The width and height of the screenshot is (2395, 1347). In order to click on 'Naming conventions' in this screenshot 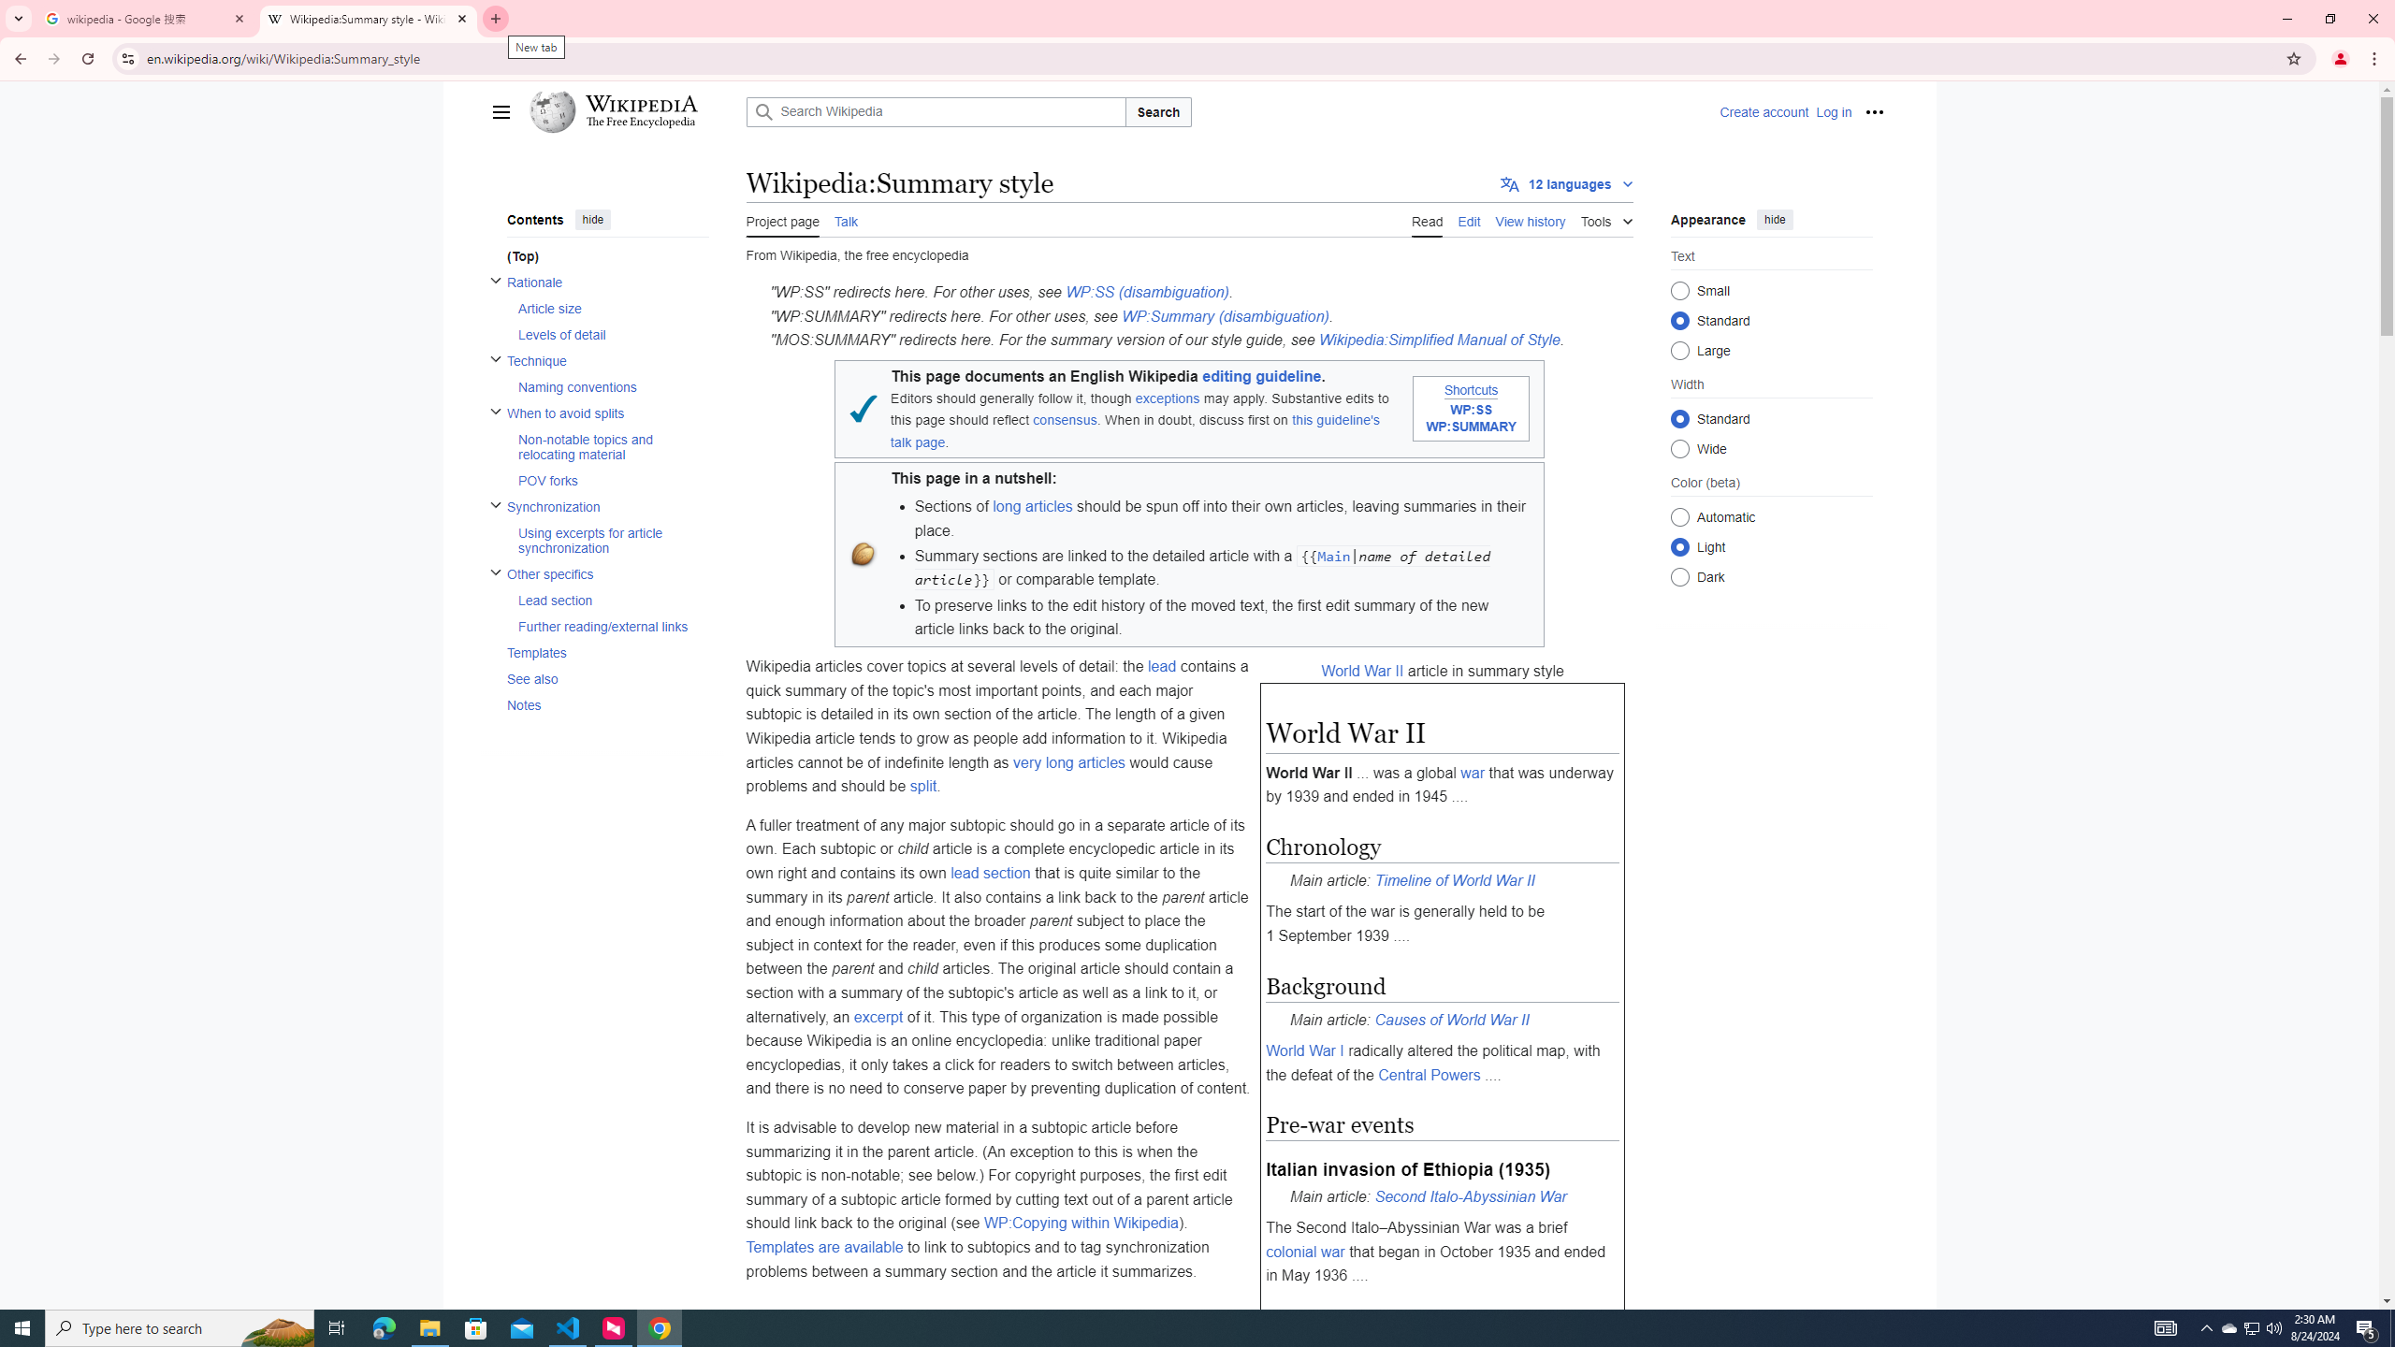, I will do `click(613, 386)`.